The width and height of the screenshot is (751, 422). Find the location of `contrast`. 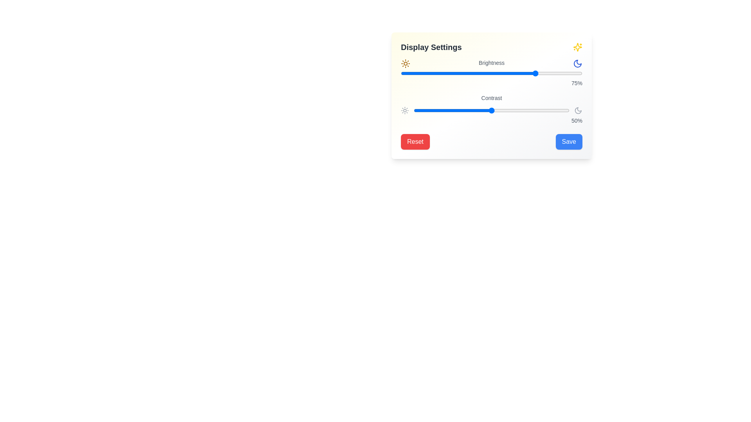

contrast is located at coordinates (464, 110).